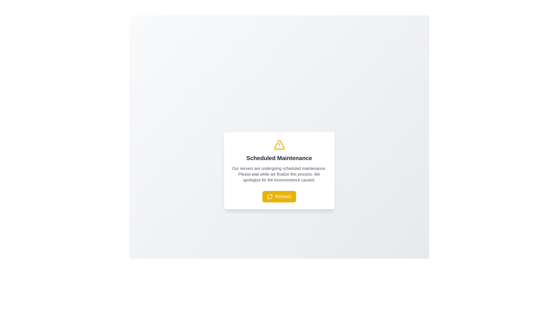  Describe the element at coordinates (279, 158) in the screenshot. I see `the bold, large text element that says 'Scheduled Maintenance', which is centrally positioned beneath a warning icon` at that location.